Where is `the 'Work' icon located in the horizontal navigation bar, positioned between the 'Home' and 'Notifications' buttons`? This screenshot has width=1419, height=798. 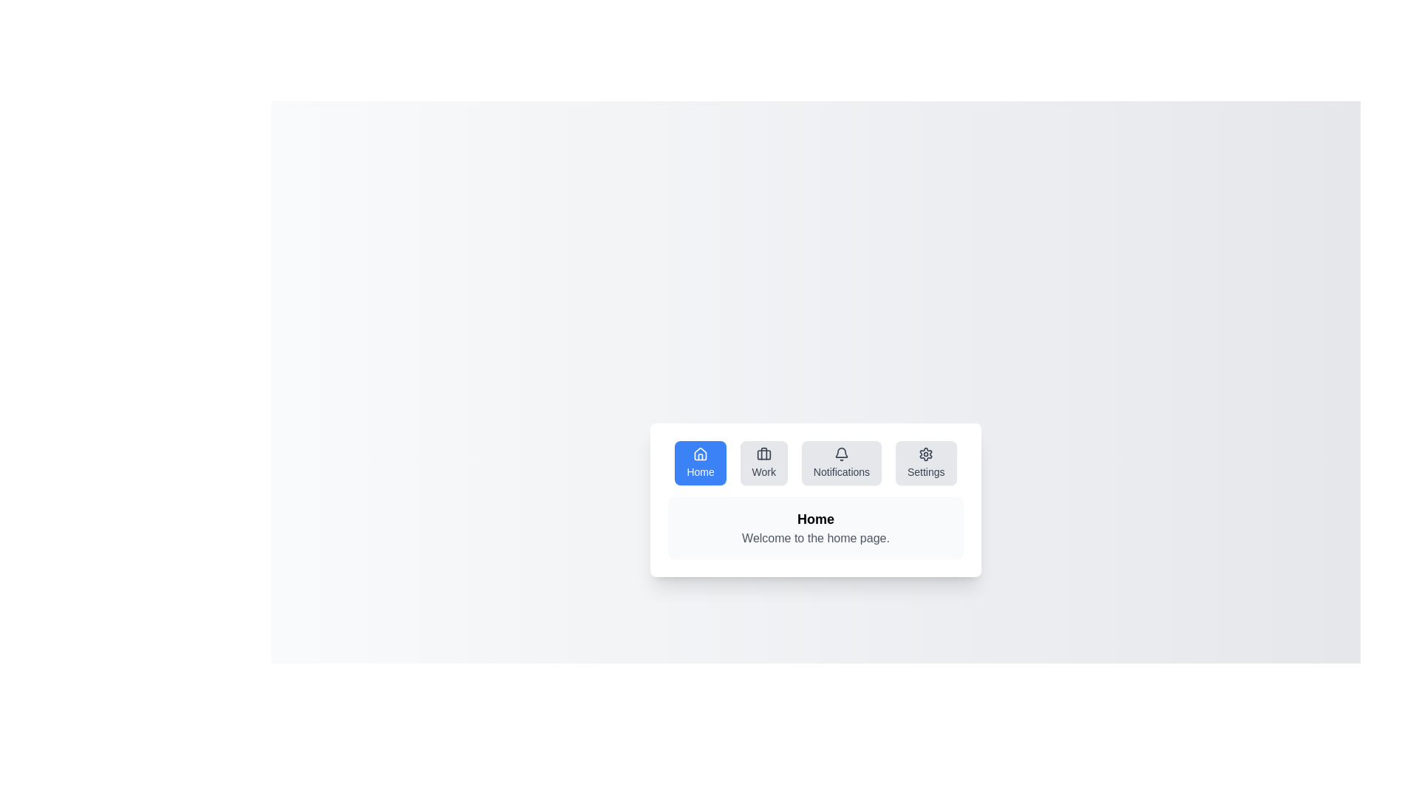 the 'Work' icon located in the horizontal navigation bar, positioned between the 'Home' and 'Notifications' buttons is located at coordinates (763, 453).